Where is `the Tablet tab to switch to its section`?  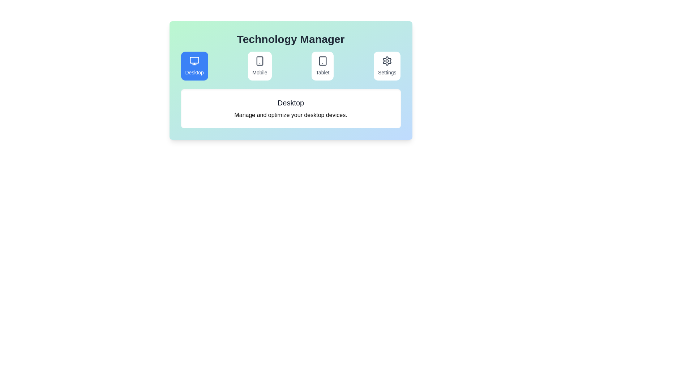
the Tablet tab to switch to its section is located at coordinates (322, 66).